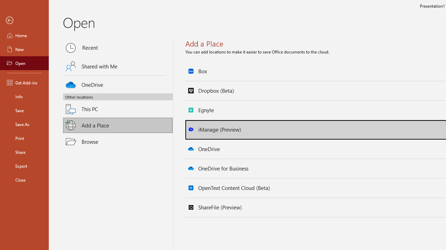  I want to click on 'Back', so click(24, 20).